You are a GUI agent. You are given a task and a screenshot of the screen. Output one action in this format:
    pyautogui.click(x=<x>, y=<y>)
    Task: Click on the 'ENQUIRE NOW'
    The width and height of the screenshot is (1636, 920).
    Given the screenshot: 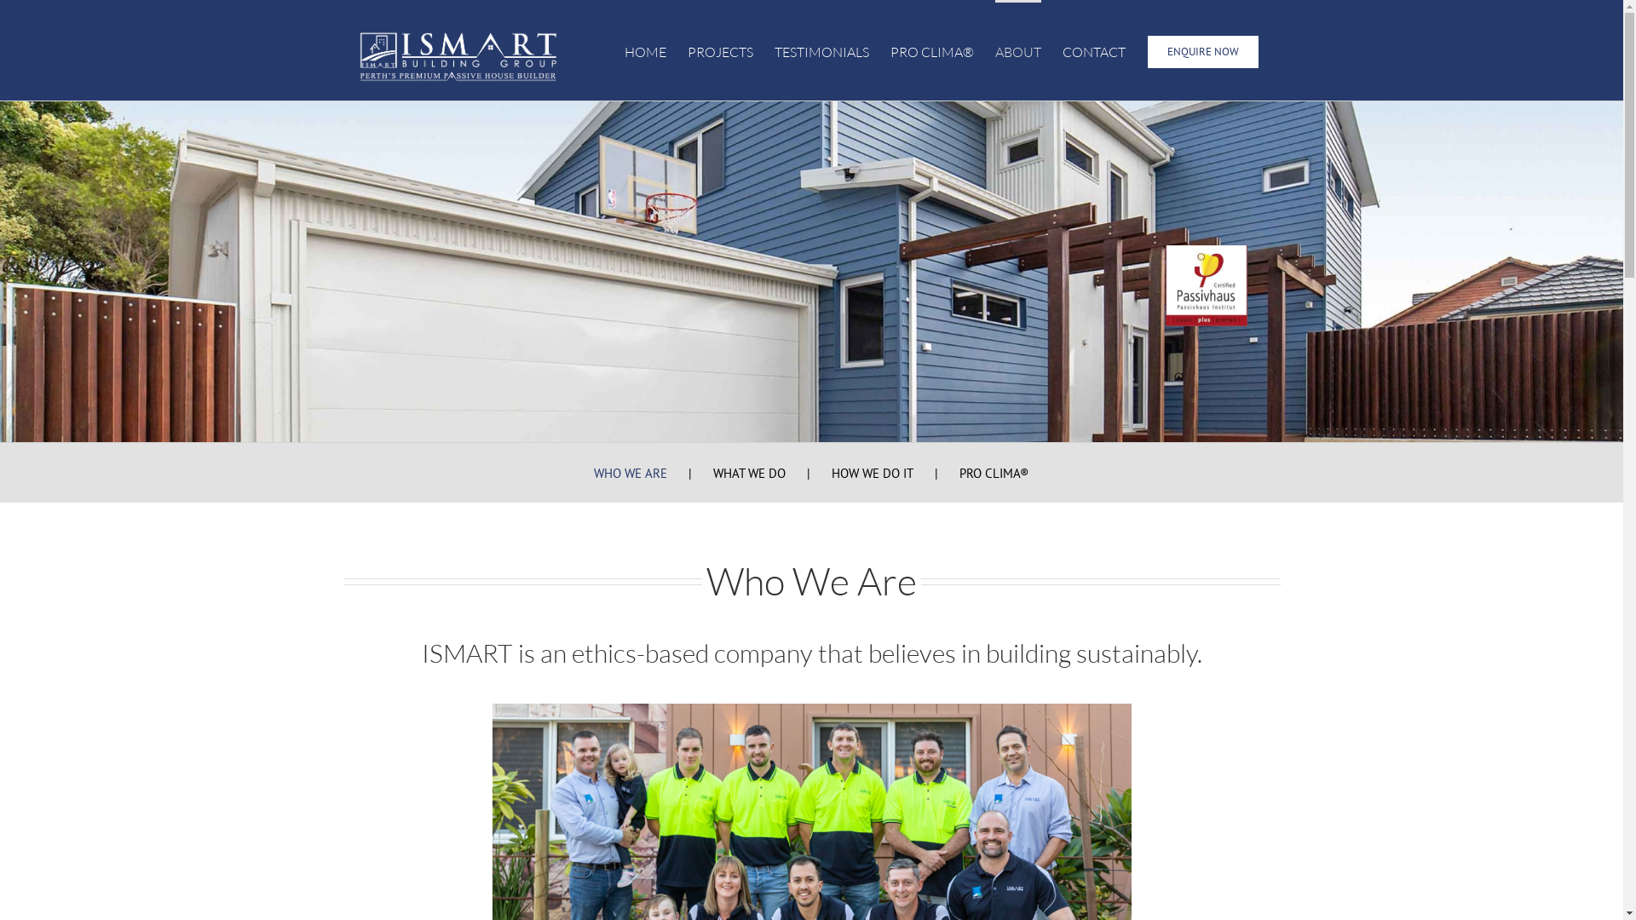 What is the action you would take?
    pyautogui.click(x=1201, y=49)
    